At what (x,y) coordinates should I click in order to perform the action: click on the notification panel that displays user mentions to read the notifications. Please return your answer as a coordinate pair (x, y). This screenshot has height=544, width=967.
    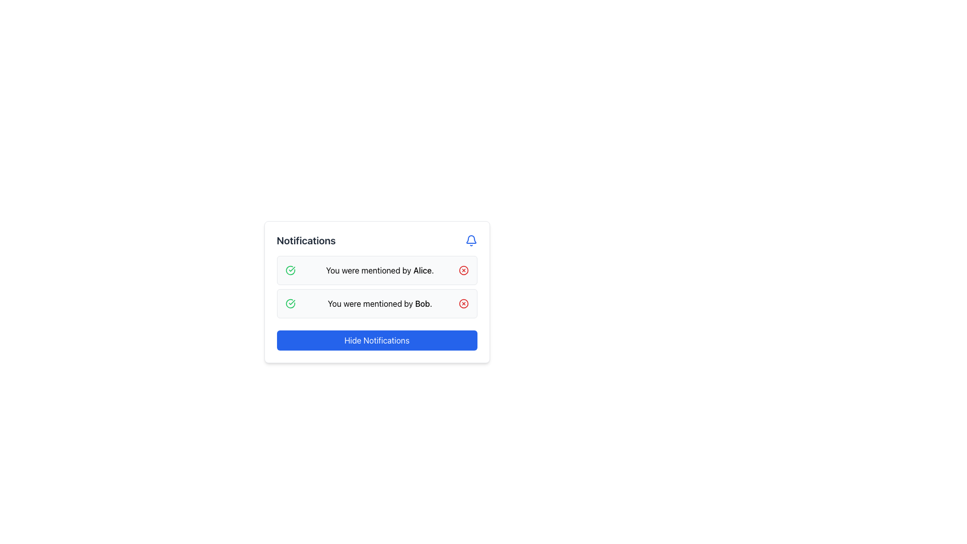
    Looking at the image, I should click on (376, 292).